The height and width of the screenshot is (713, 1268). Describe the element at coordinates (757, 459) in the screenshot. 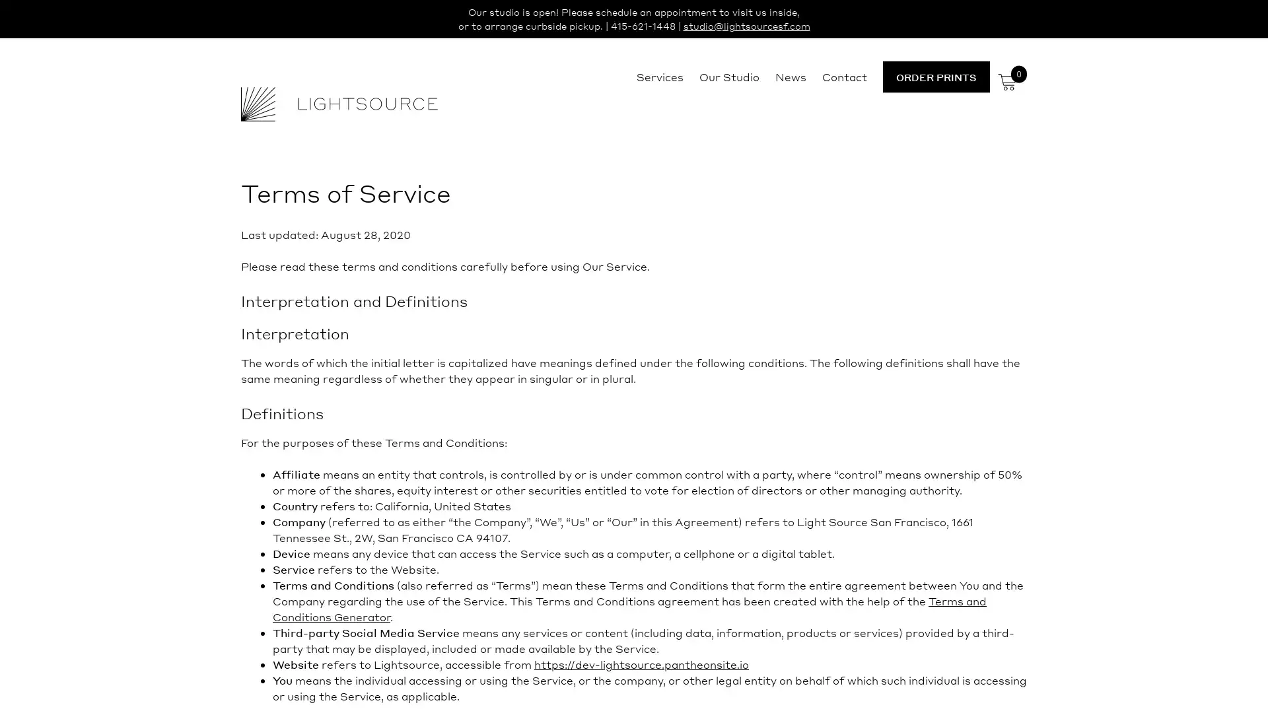

I see `Sign up` at that location.